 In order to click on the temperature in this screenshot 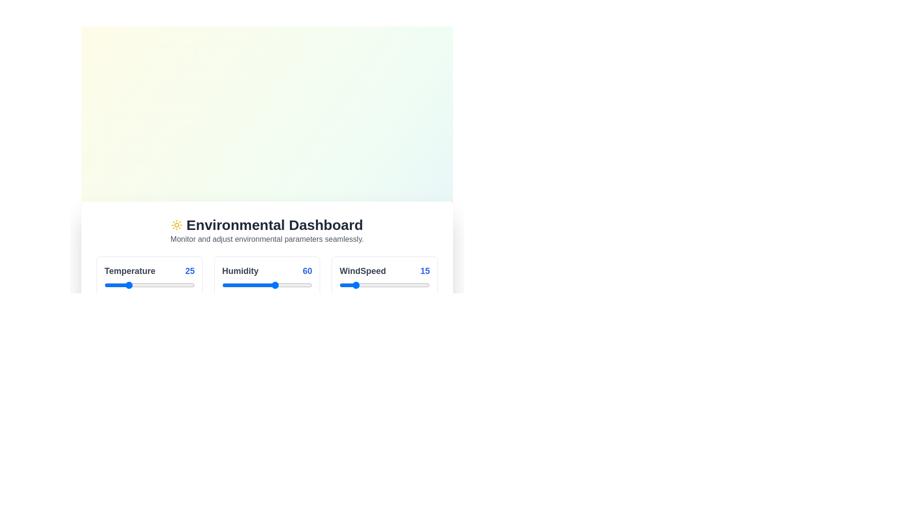, I will do `click(175, 284)`.